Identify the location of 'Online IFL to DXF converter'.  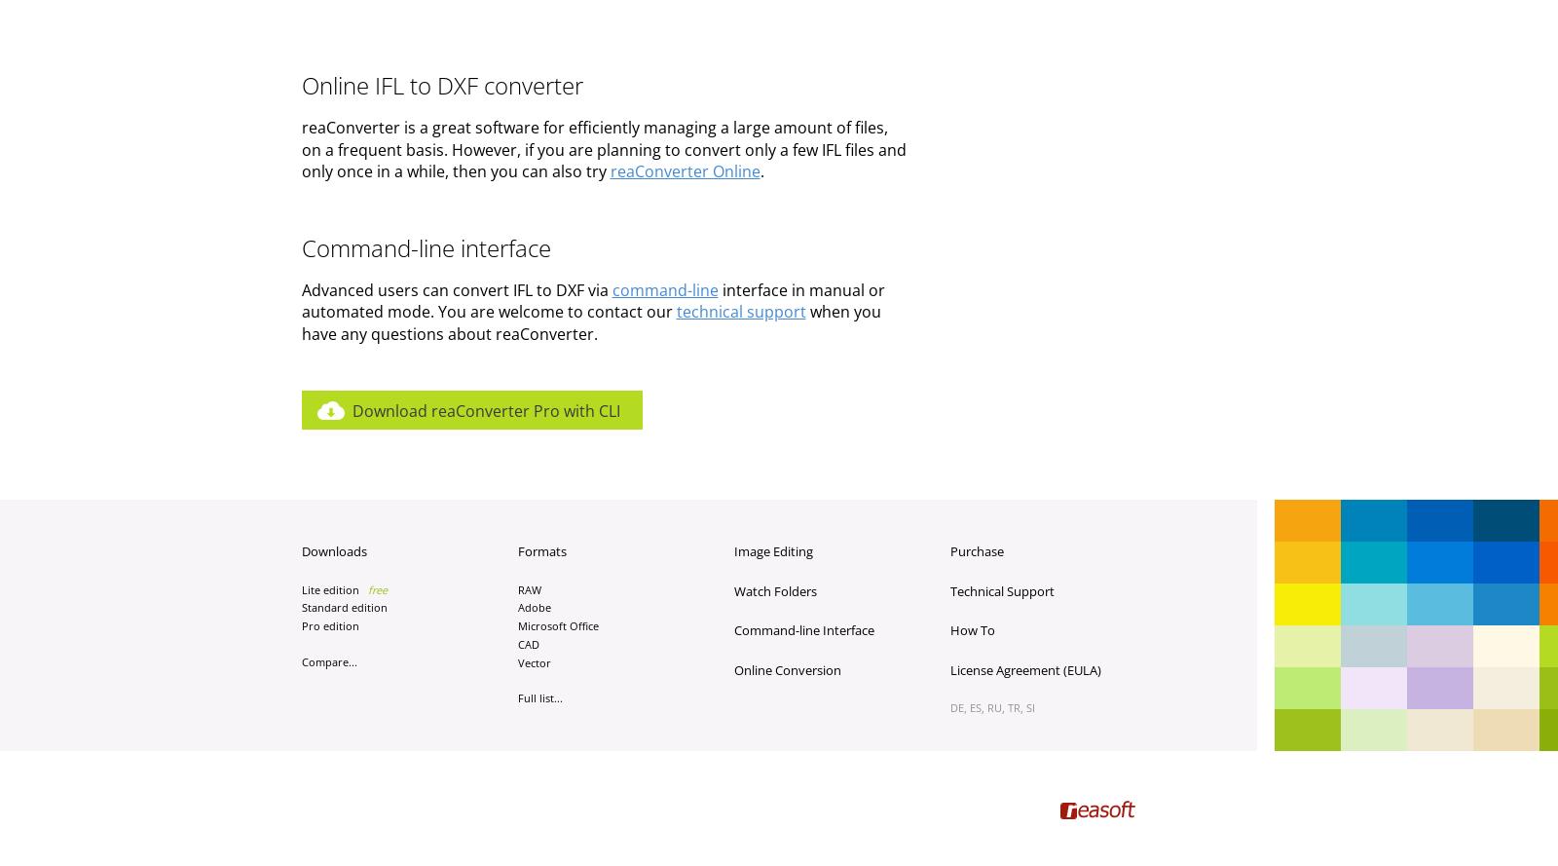
(300, 84).